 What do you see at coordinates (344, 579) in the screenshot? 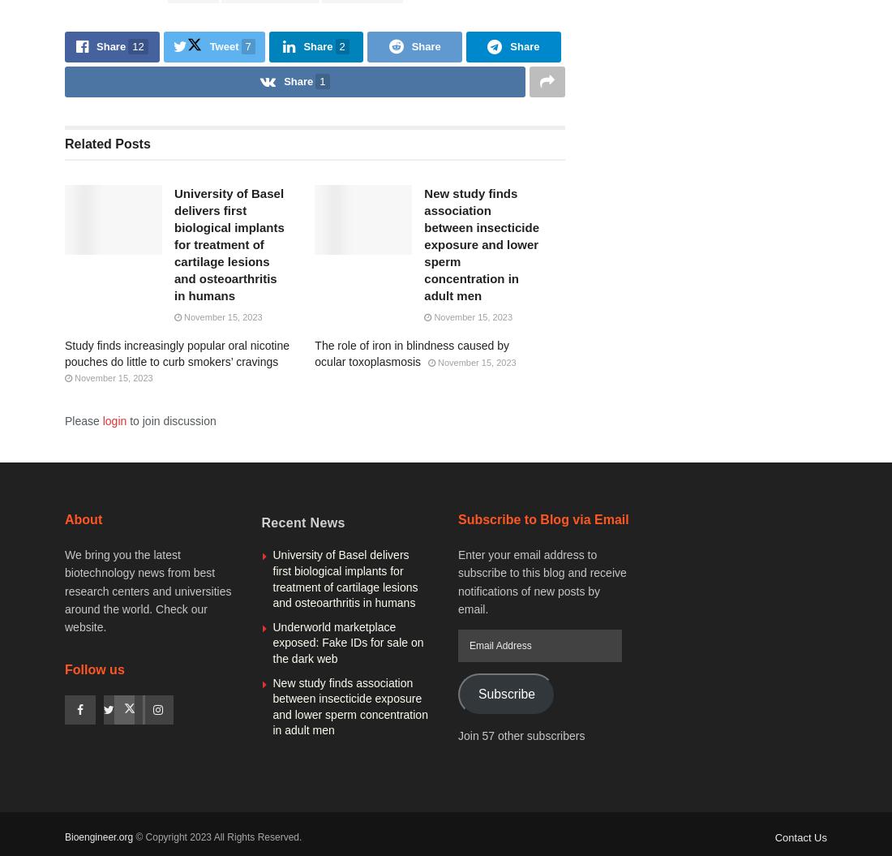
I see `'University of Basel delivers first biological implants for treatment of cartilage lesions and osteoarthritis in humans'` at bounding box center [344, 579].